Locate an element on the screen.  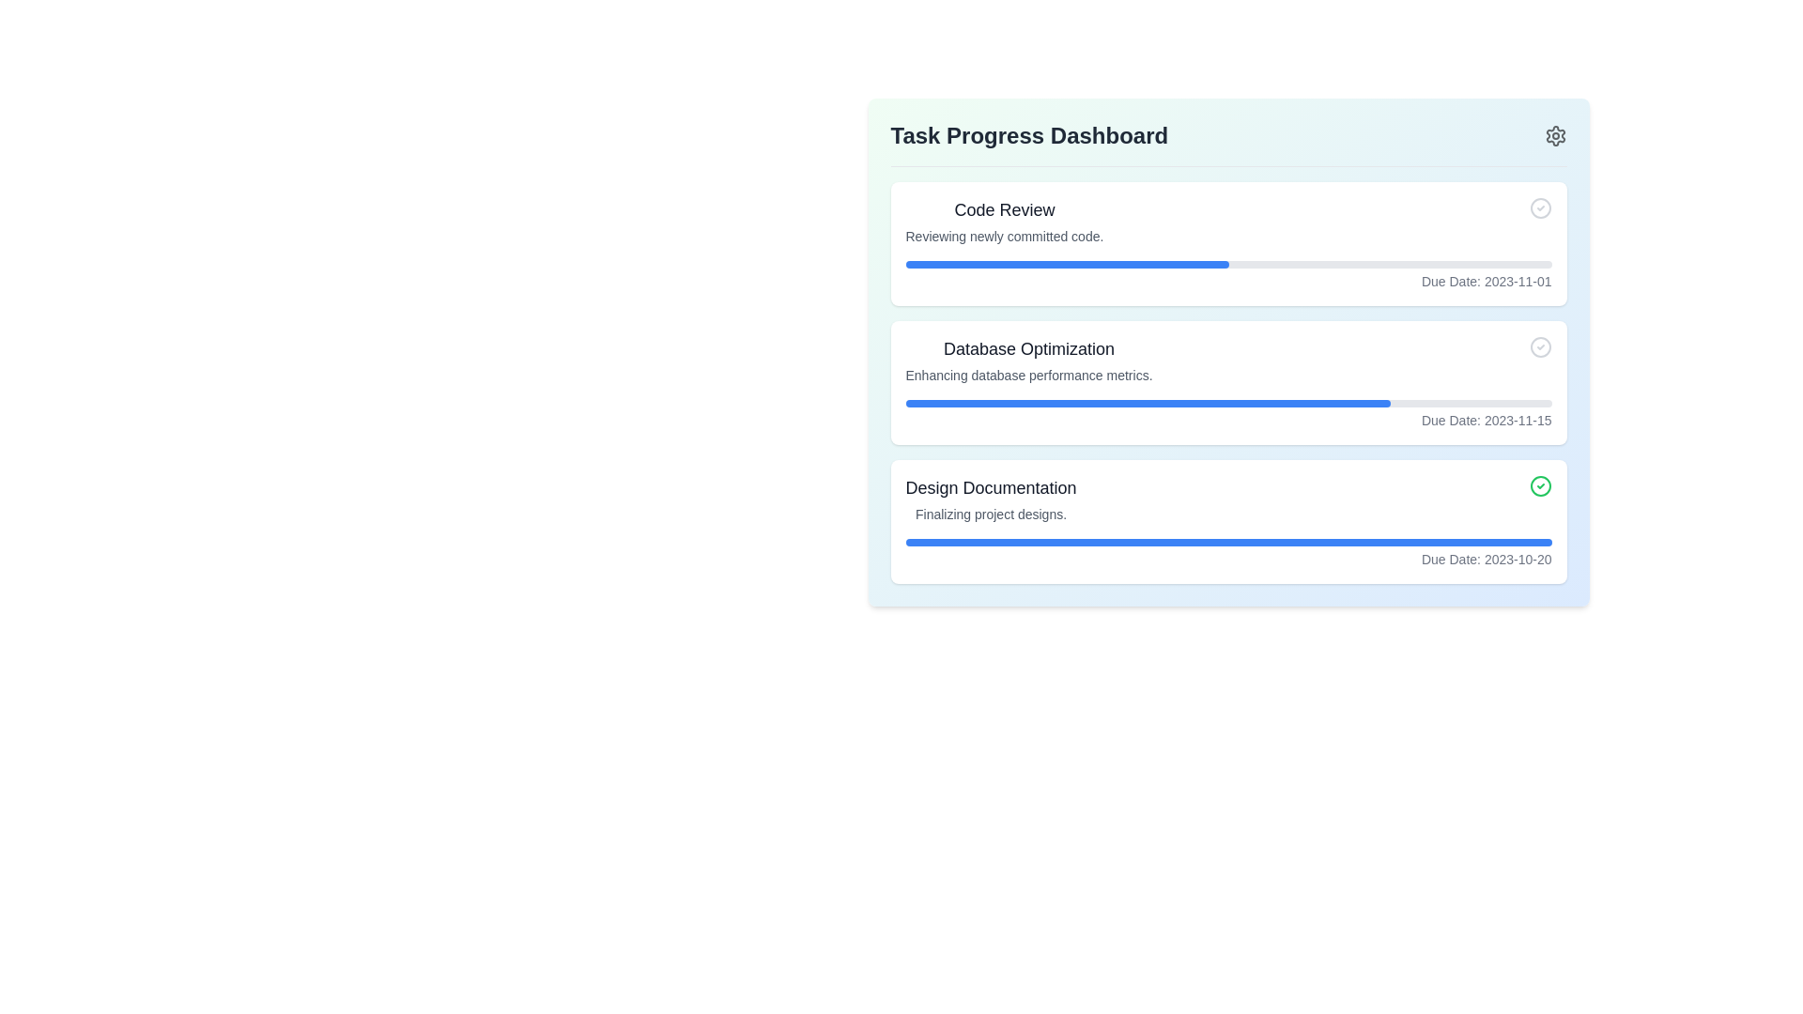
the progress bar located below the 'Database Optimization' label in the 'Task Progress Dashboard' card to visually interpret the progress of the task is located at coordinates (1228, 402).